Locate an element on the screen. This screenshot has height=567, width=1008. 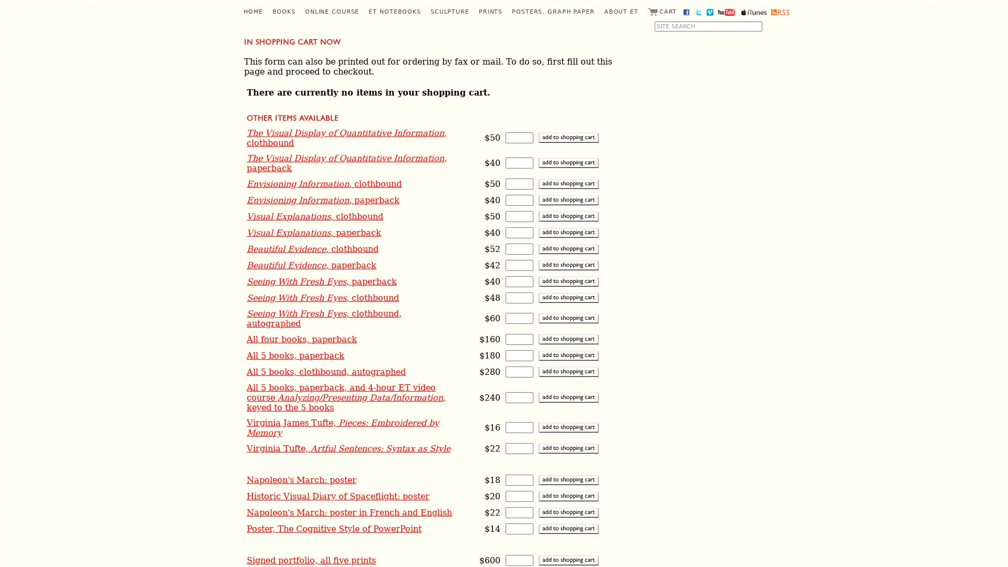
add to shopping cart is located at coordinates (568, 371).